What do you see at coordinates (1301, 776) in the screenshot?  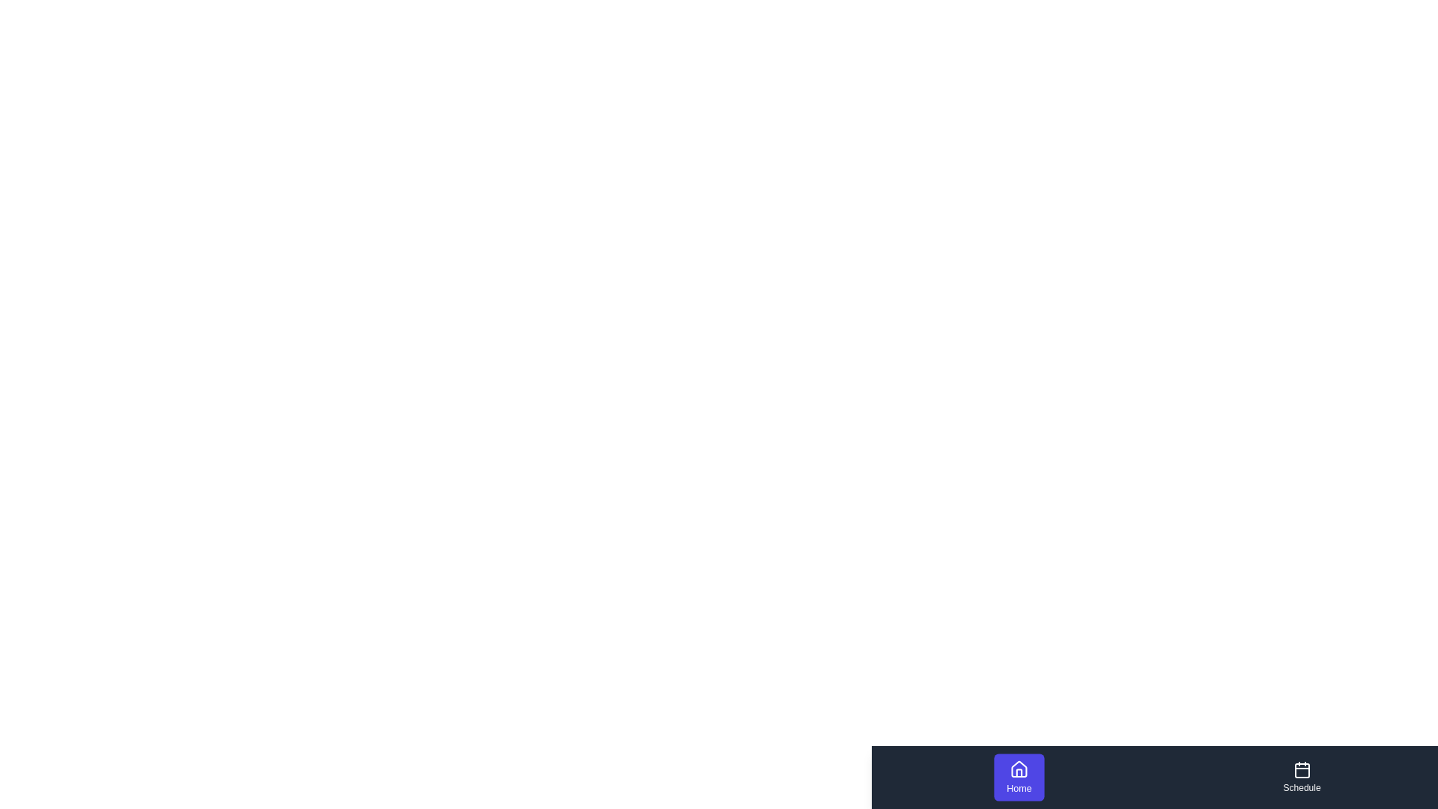 I see `the bottom navigation item for Schedule` at bounding box center [1301, 776].